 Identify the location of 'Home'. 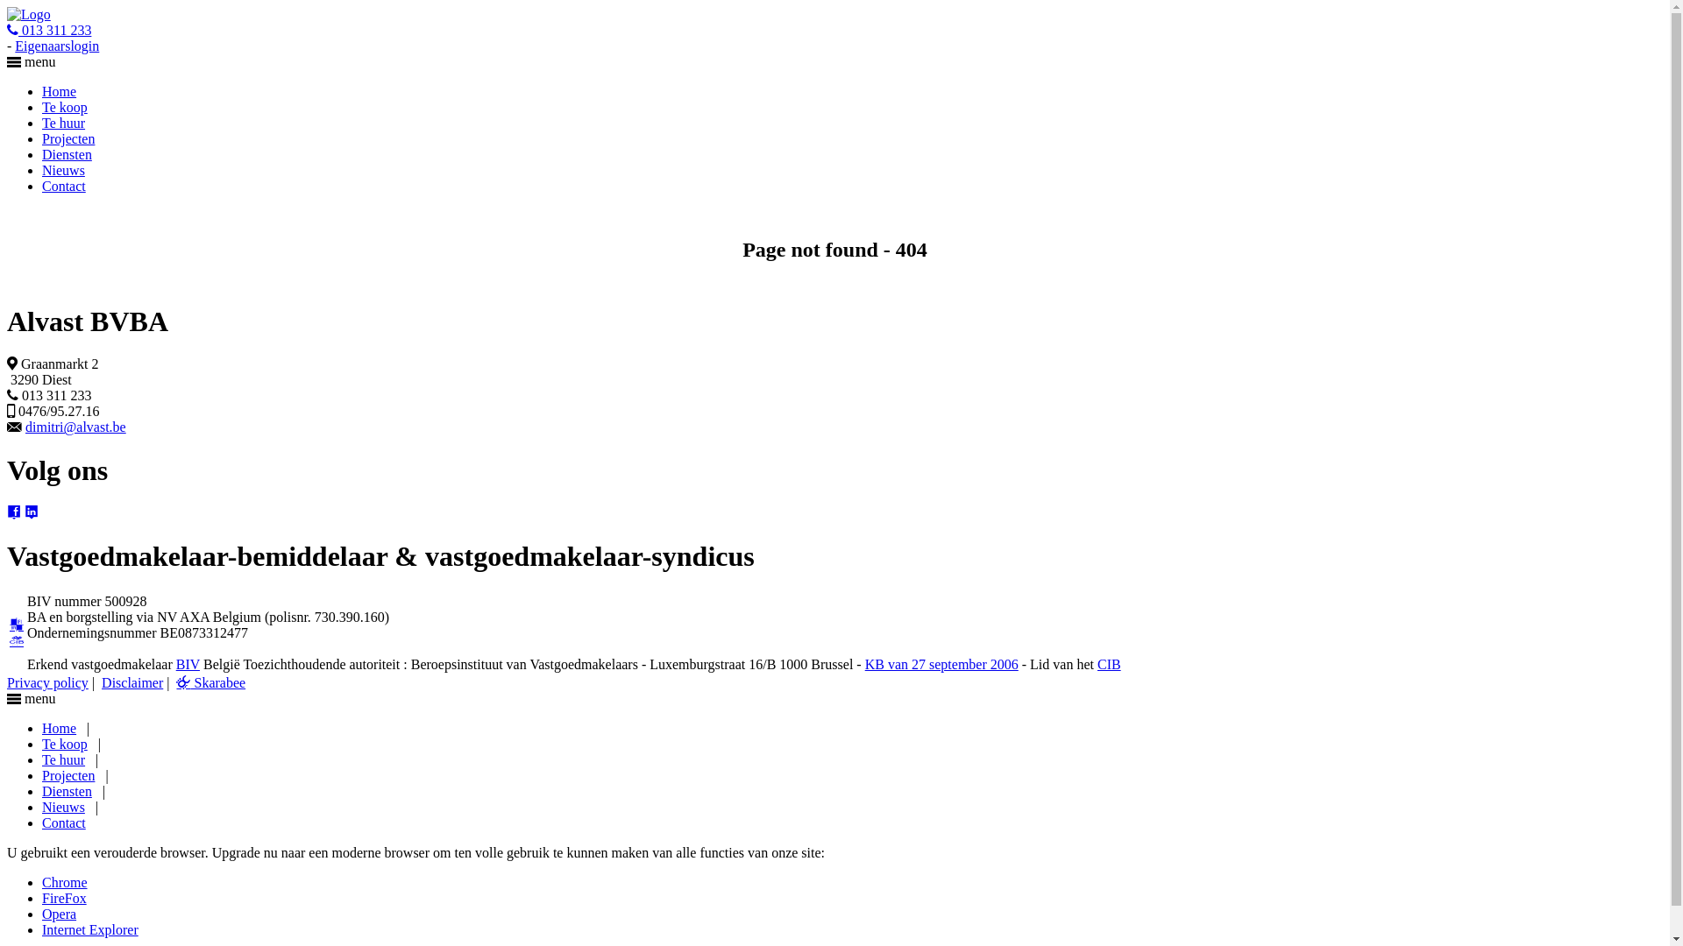
(42, 728).